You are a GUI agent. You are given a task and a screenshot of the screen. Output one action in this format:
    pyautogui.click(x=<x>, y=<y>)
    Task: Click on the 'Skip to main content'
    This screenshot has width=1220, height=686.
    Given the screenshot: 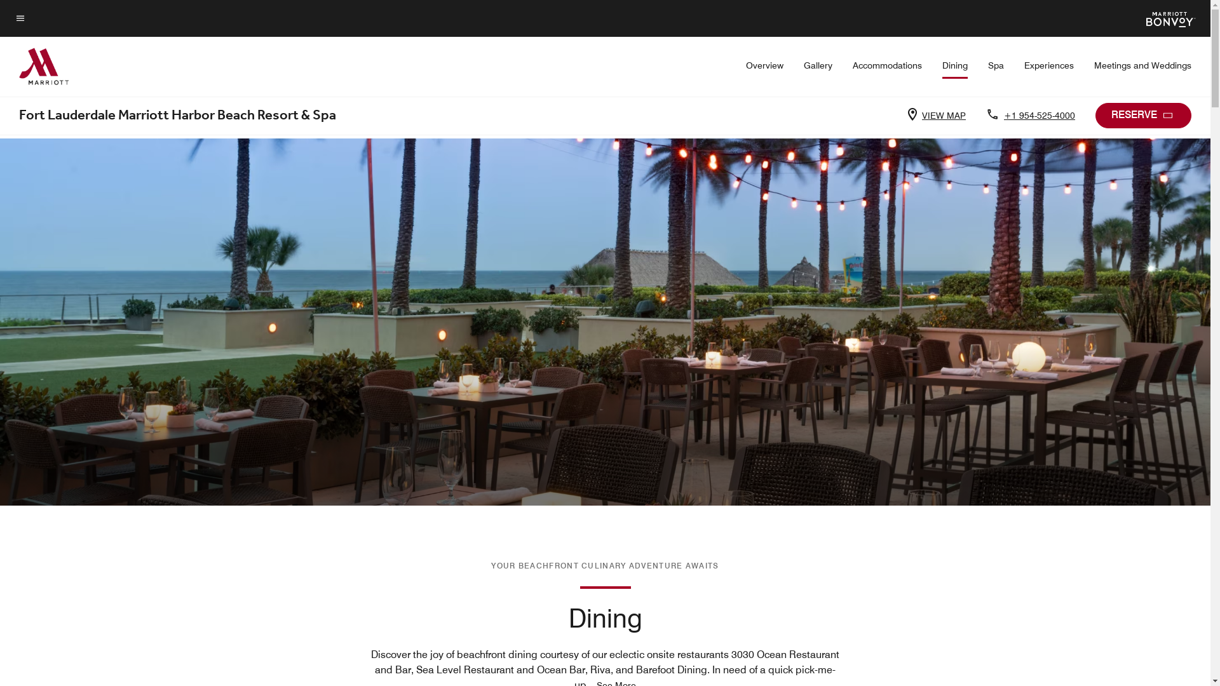 What is the action you would take?
    pyautogui.click(x=15, y=10)
    